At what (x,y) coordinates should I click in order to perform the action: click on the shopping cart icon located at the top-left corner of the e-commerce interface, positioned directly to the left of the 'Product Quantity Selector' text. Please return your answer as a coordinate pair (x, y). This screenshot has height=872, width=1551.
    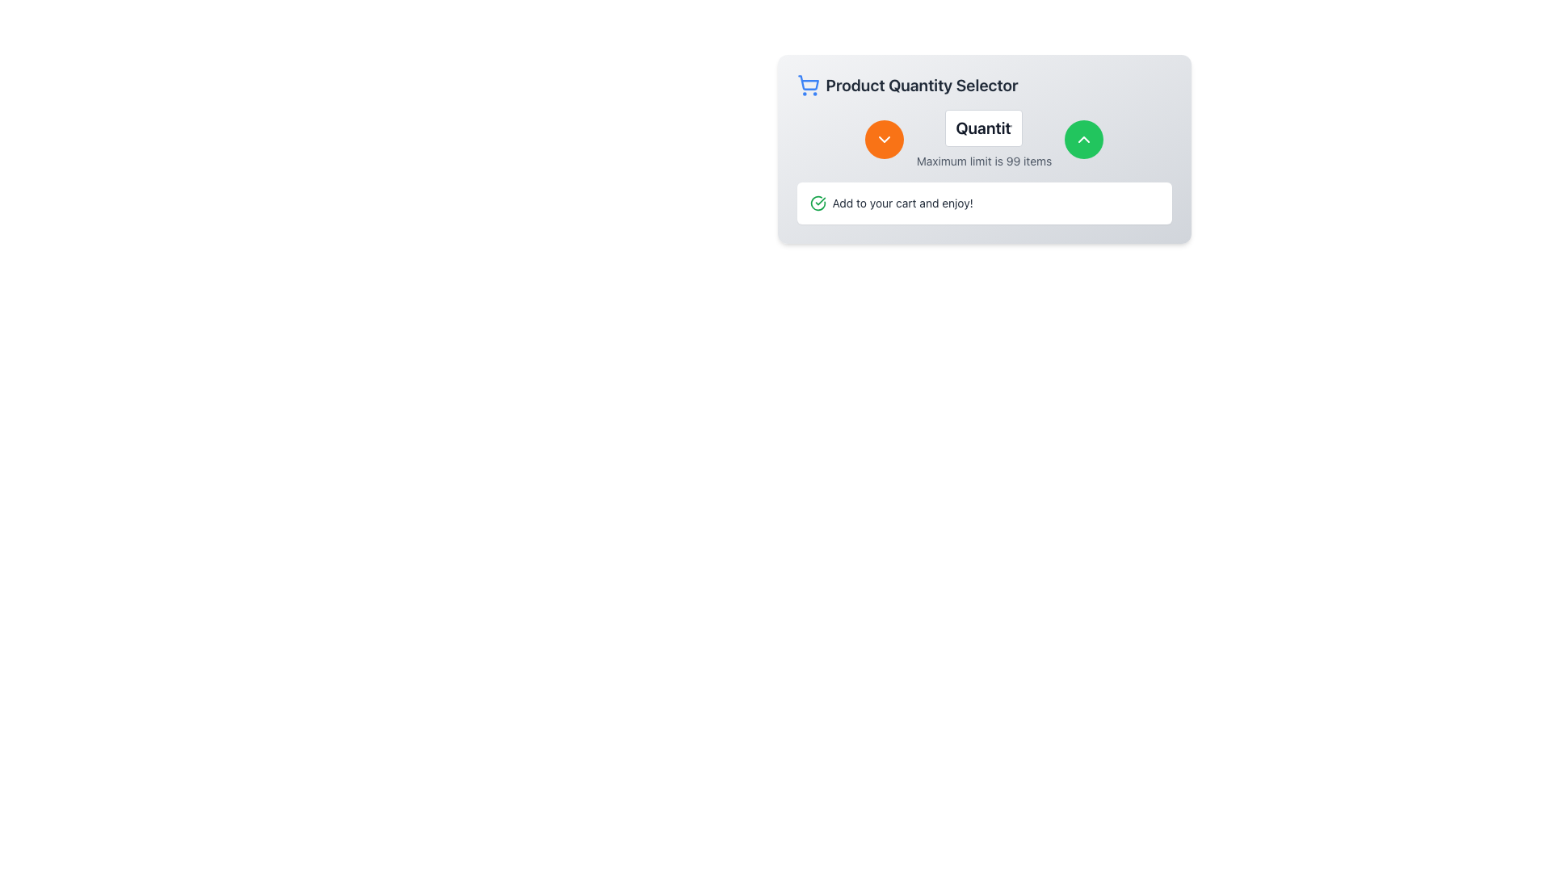
    Looking at the image, I should click on (808, 85).